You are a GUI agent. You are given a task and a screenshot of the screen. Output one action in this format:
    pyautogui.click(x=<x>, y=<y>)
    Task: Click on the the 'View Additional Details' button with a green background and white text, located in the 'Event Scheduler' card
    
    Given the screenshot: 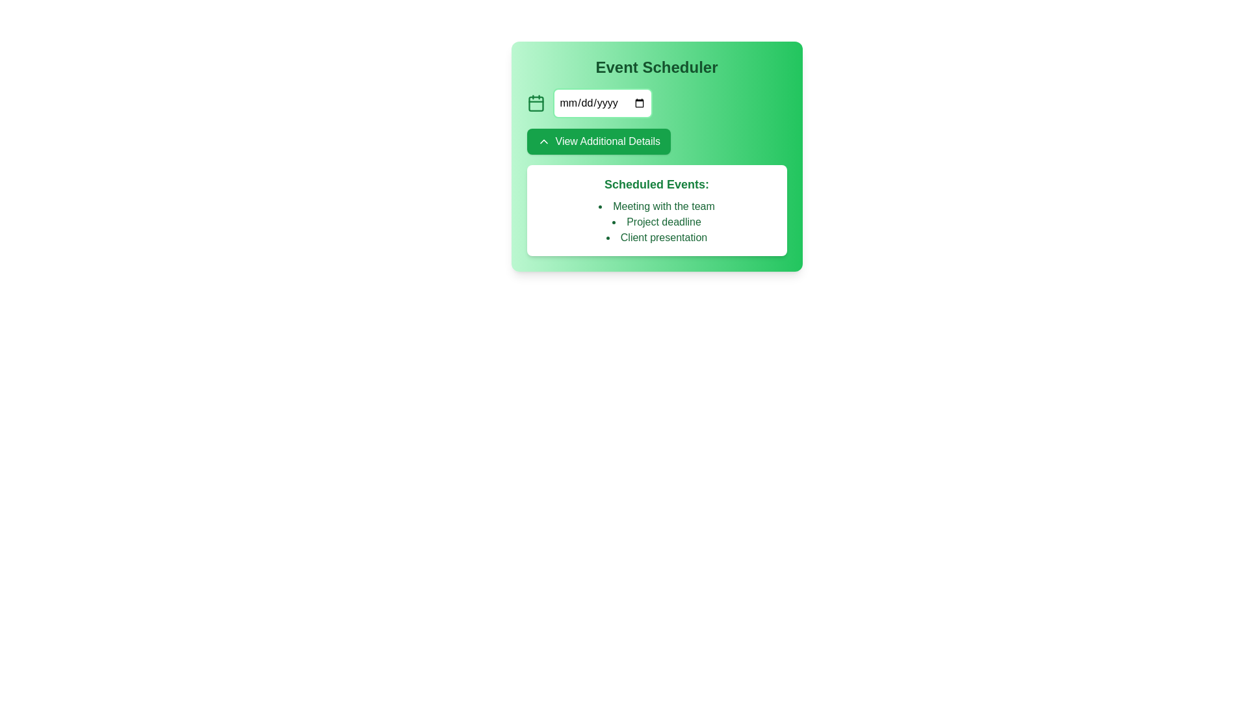 What is the action you would take?
    pyautogui.click(x=598, y=142)
    